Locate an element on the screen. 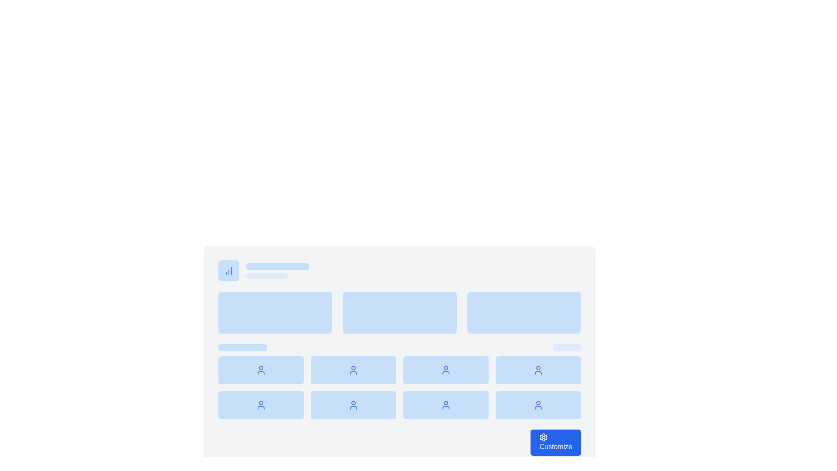 This screenshot has height=471, width=837. the loading state of the Placeholder bar positioned centrally above the grid of profile-like icons by clicking on it is located at coordinates (399, 347).